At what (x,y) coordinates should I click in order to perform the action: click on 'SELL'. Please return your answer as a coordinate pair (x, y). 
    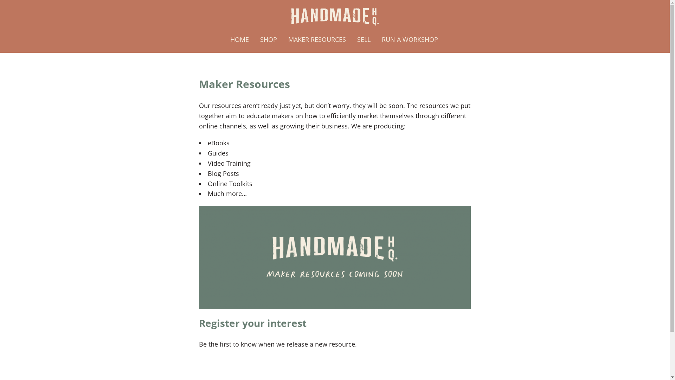
    Looking at the image, I should click on (364, 39).